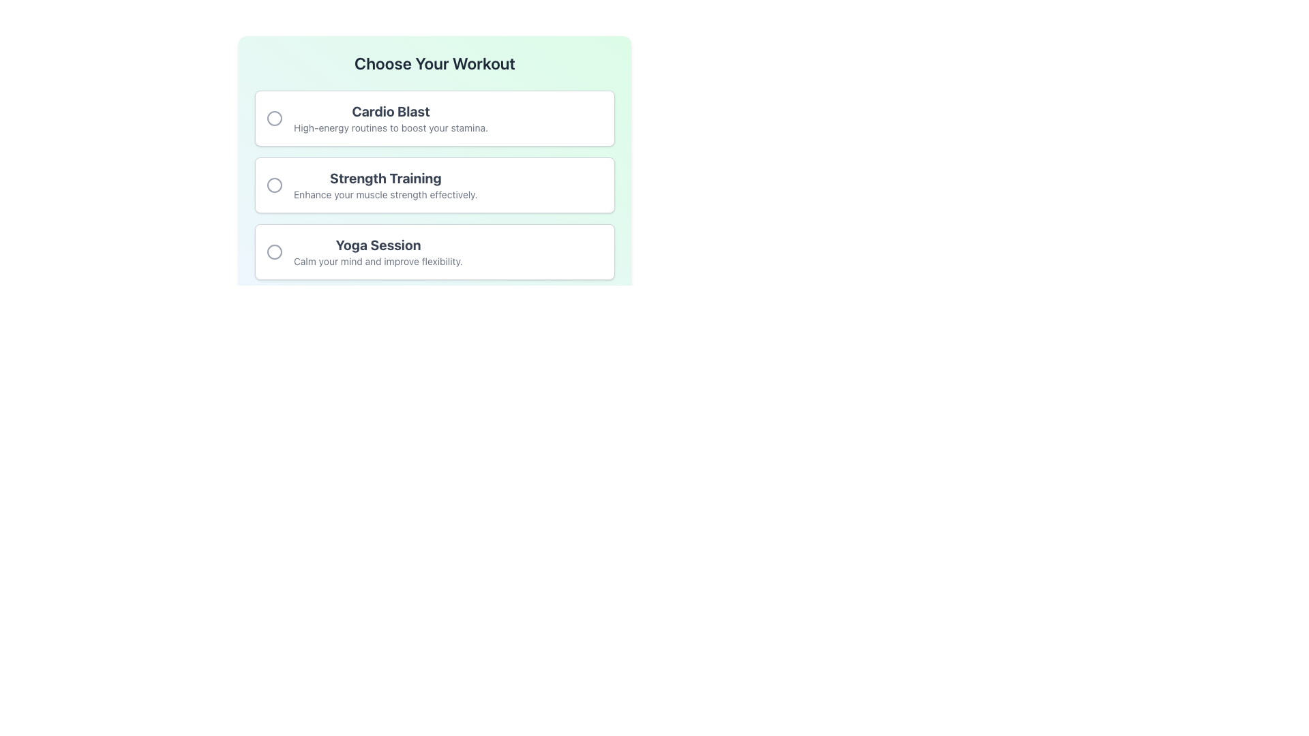  Describe the element at coordinates (378, 262) in the screenshot. I see `the text label that reads 'Calm your mind and improve flexibility.' located beneath the 'Yoga Session' title in the third card under 'Choose Your Workout'` at that location.